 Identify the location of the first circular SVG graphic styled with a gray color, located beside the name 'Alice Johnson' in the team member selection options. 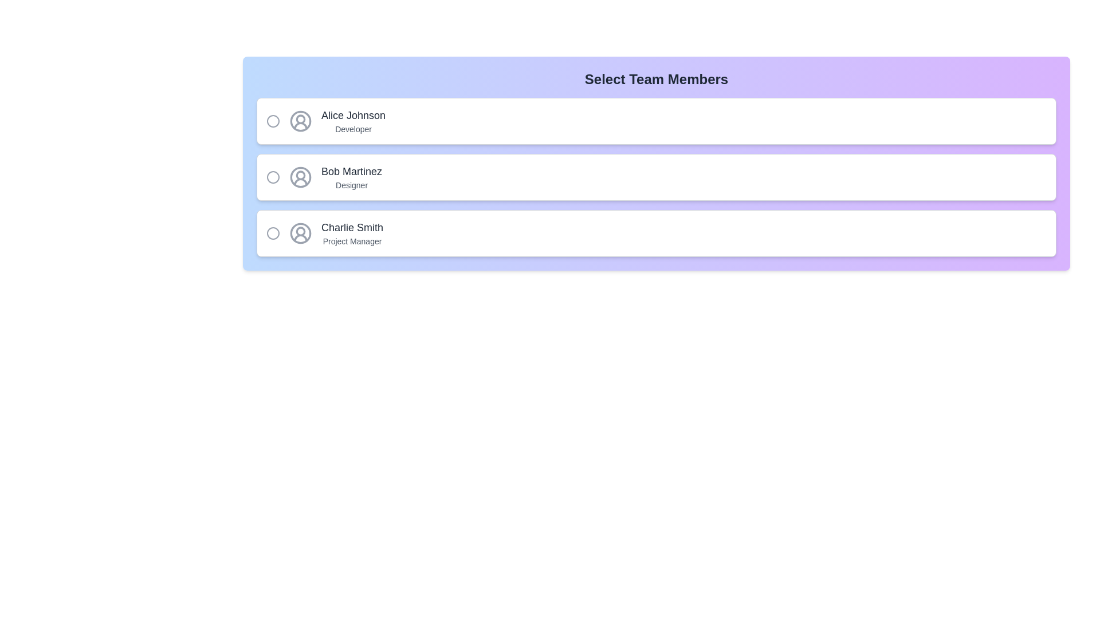
(272, 121).